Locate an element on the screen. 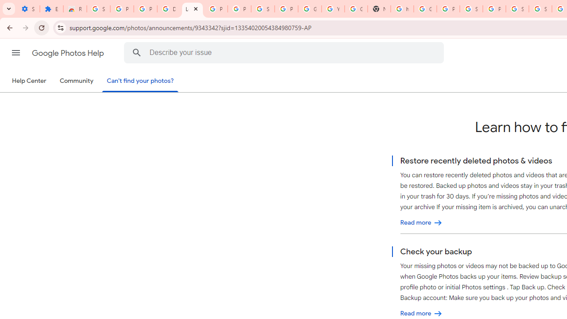 This screenshot has height=319, width=567. 'Delete photos & videos - Computer - Google Photos Help' is located at coordinates (169, 9).